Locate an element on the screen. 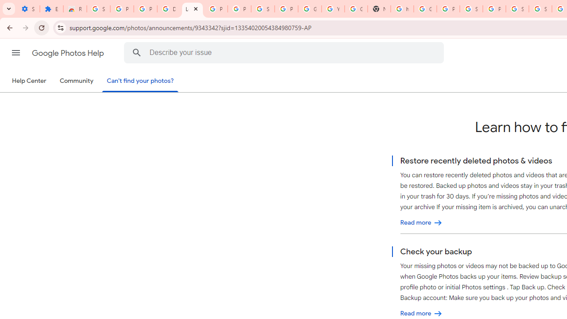 This screenshot has height=319, width=567. 'Delete photos & videos - Computer - Google Photos Help' is located at coordinates (169, 9).